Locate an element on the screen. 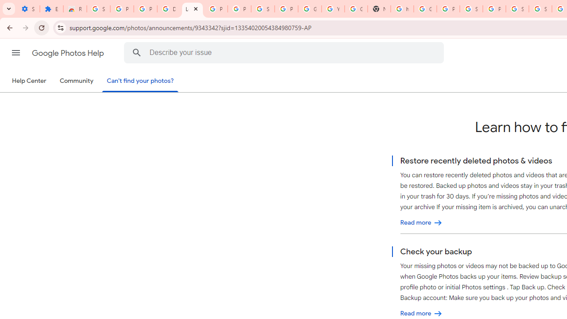 This screenshot has height=319, width=567. 'Delete photos & videos - Computer - Google Photos Help' is located at coordinates (169, 9).